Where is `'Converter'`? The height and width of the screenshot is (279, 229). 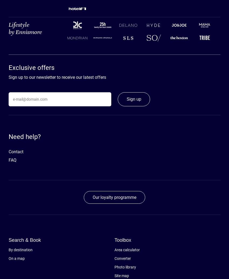 'Converter' is located at coordinates (122, 258).